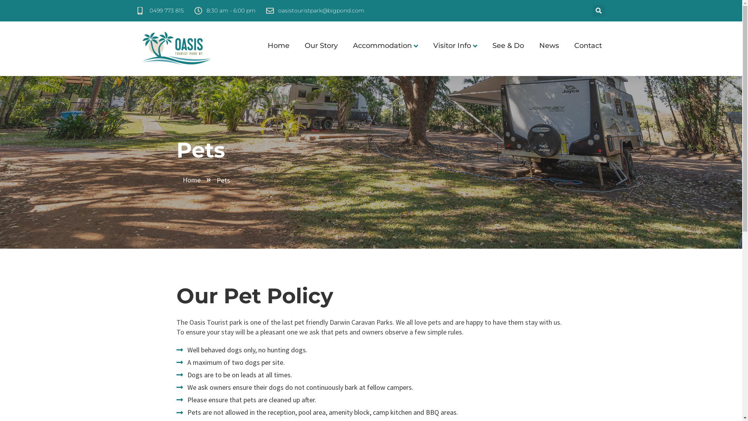  Describe the element at coordinates (584, 46) in the screenshot. I see `'Contact'` at that location.